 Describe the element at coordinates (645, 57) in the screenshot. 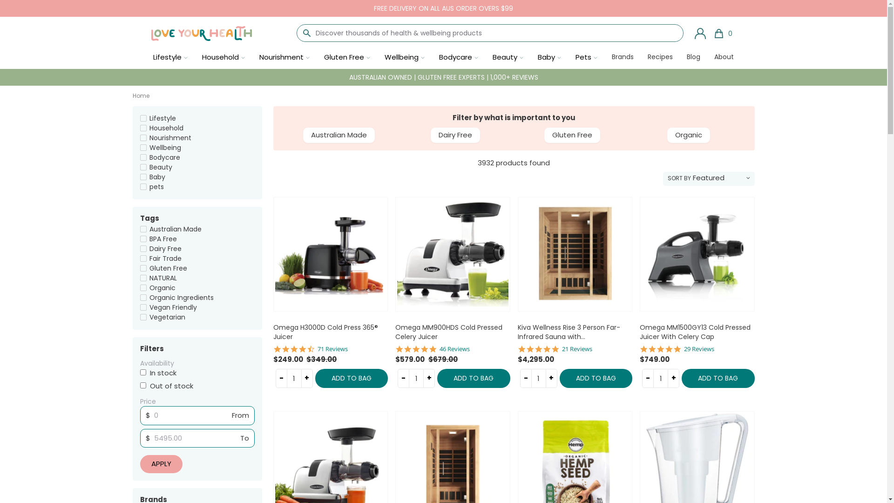

I see `'Recipes'` at that location.